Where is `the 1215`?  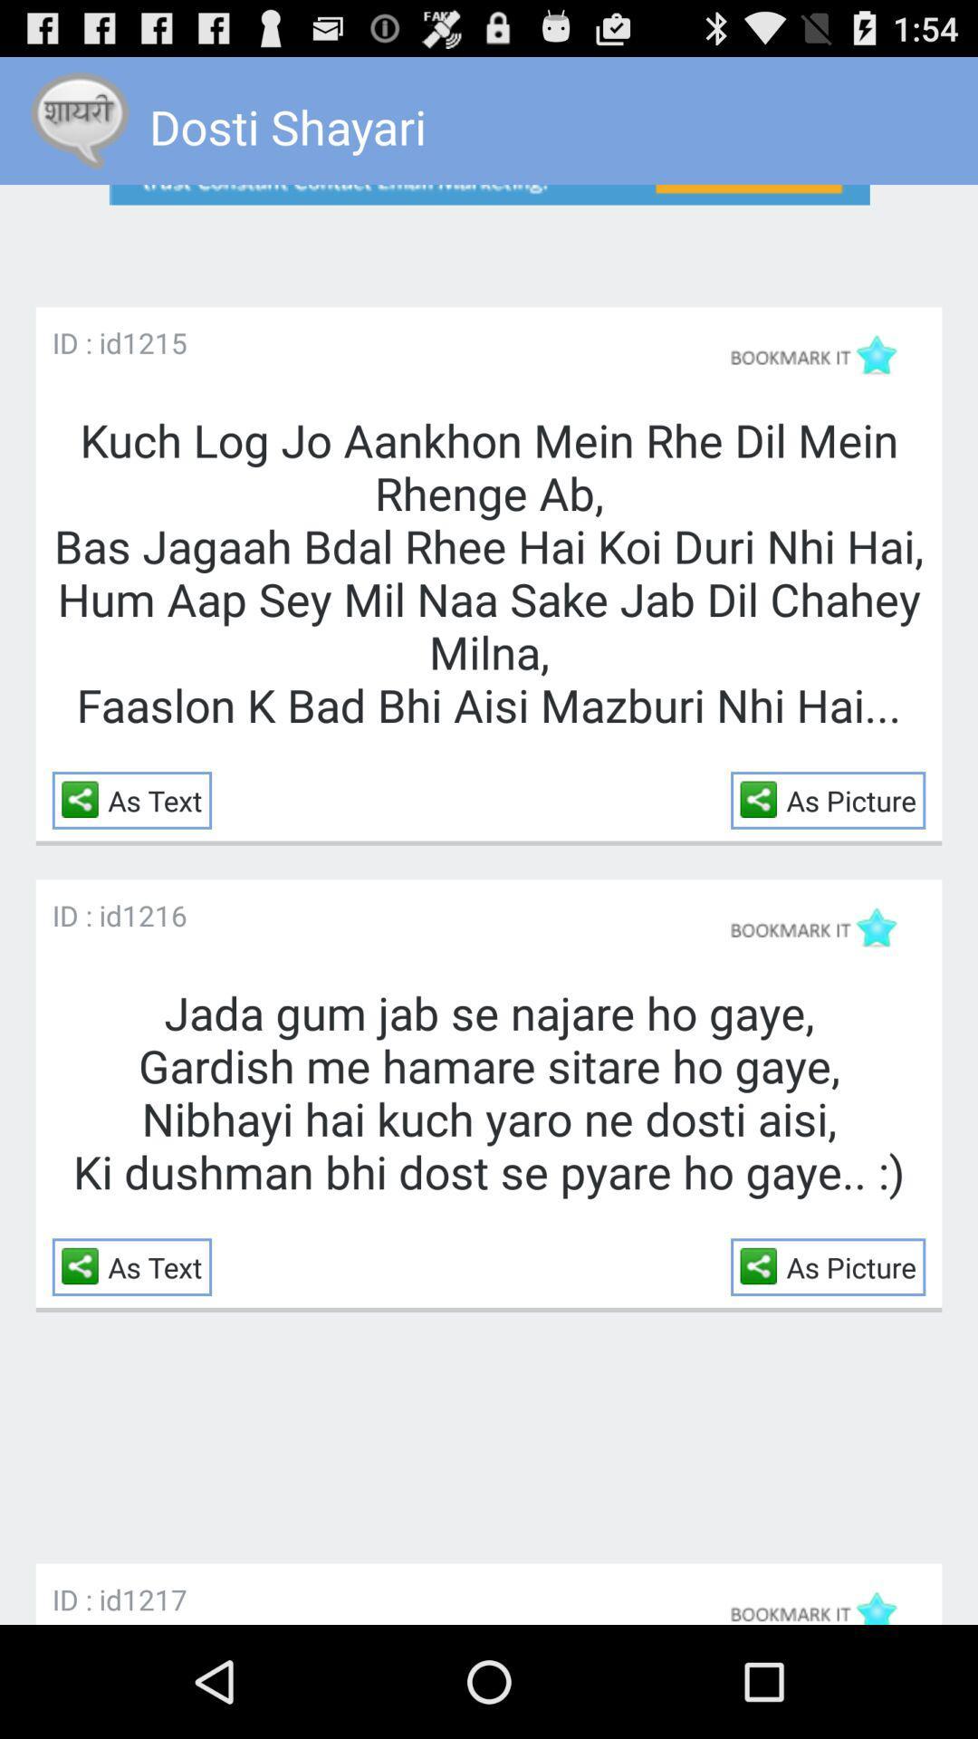
the 1215 is located at coordinates (153, 342).